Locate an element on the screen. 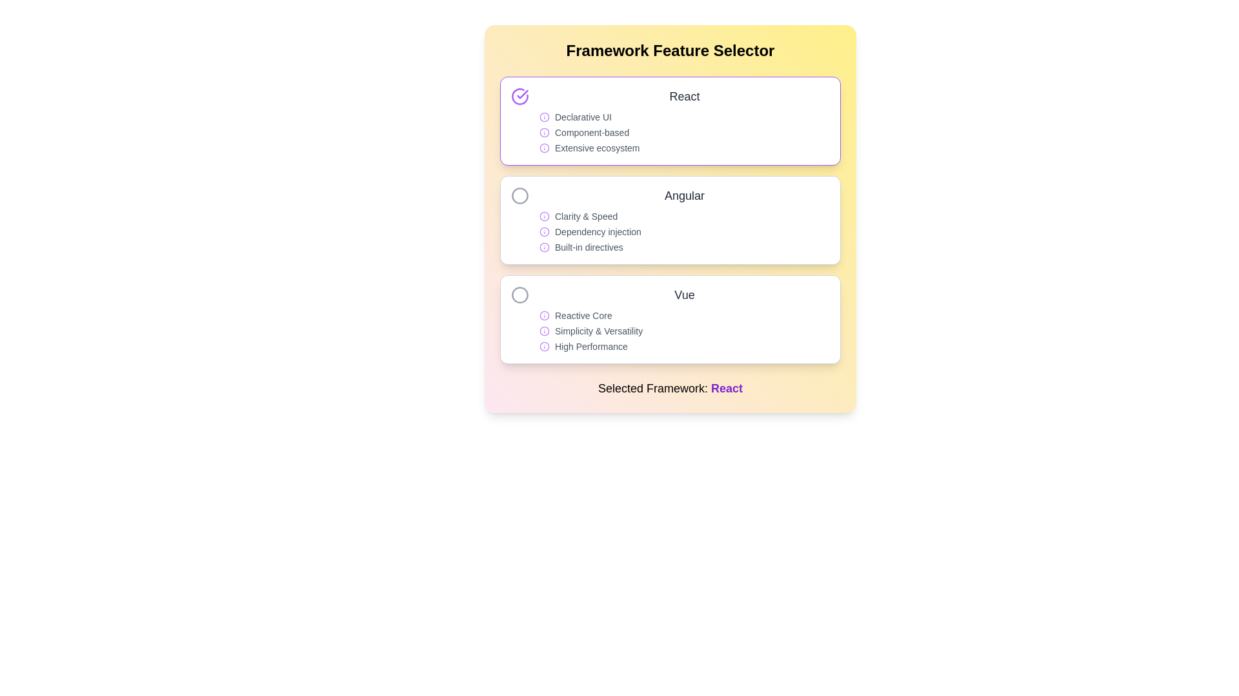 This screenshot has height=696, width=1239. the circular icon with a purple outline located next to the text 'Extensive ecosystem' in the React section of the Framework Feature Selector interface is located at coordinates (545, 148).